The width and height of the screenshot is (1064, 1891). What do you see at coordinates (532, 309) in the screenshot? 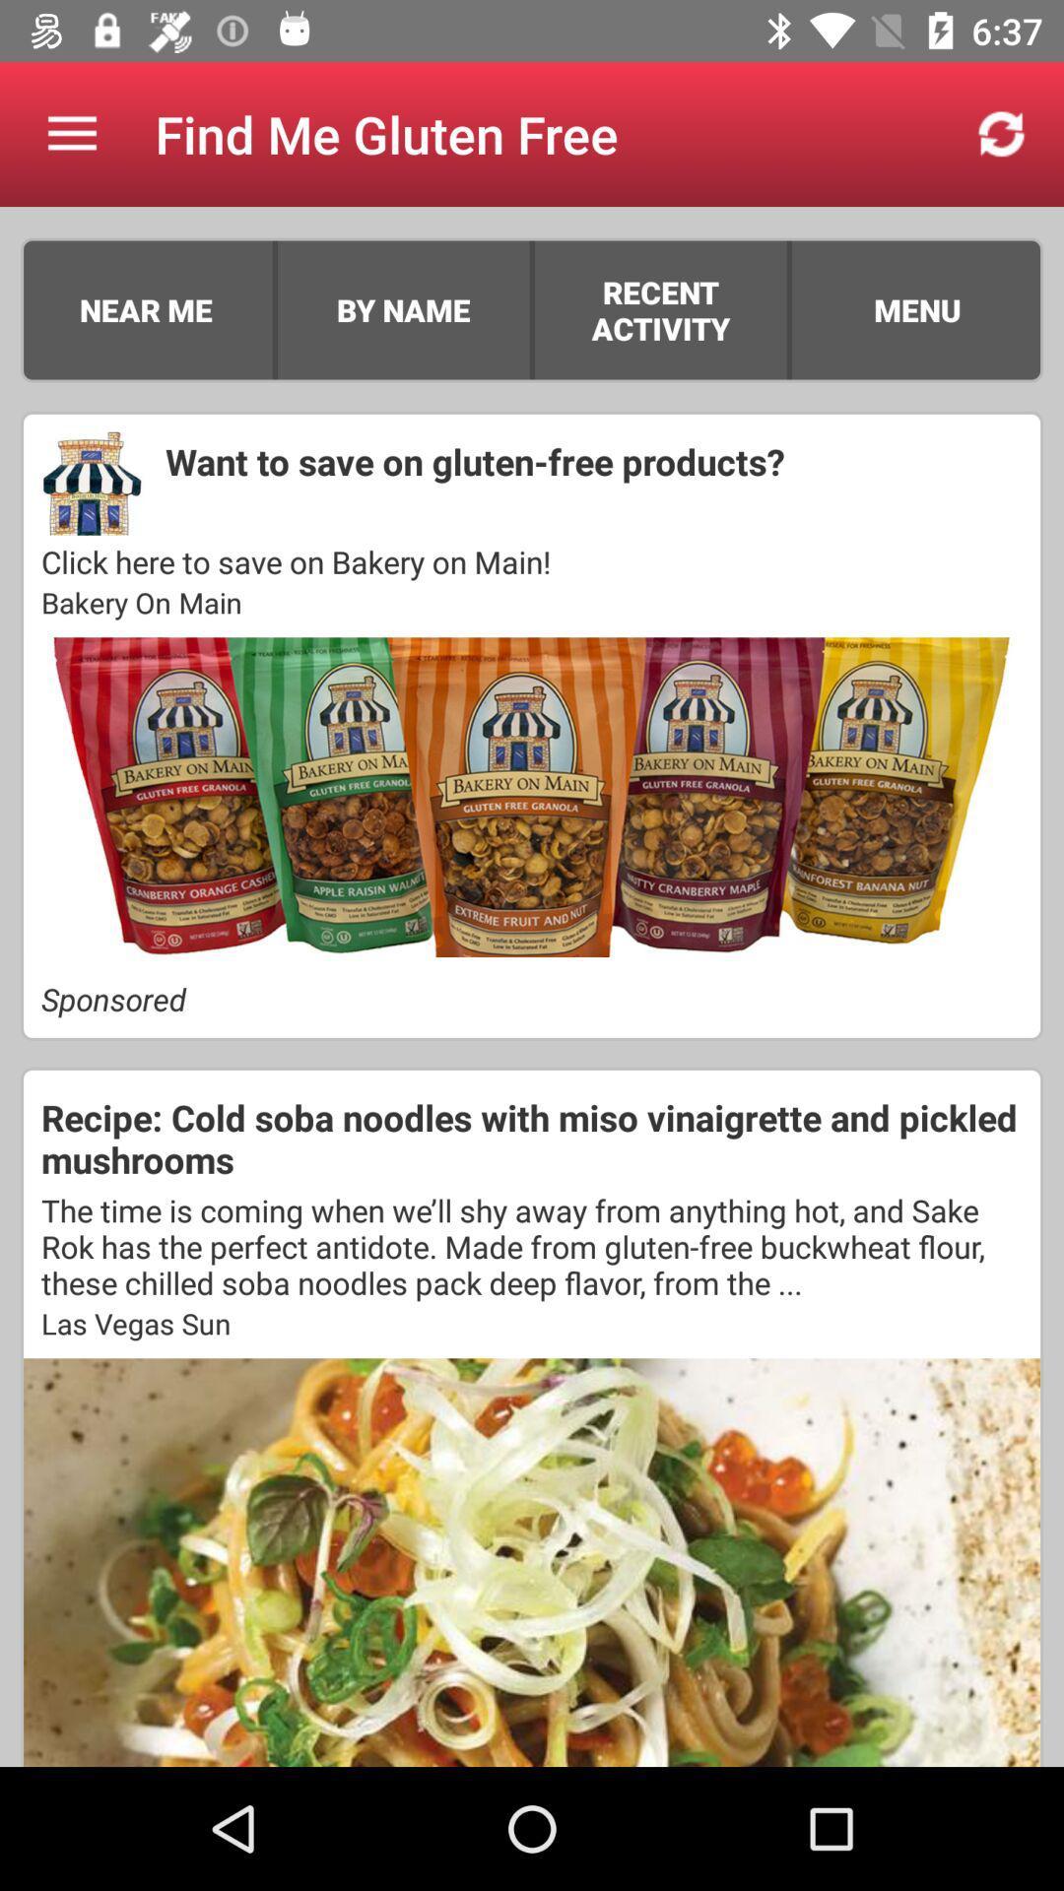
I see `item to the right of the by name` at bounding box center [532, 309].